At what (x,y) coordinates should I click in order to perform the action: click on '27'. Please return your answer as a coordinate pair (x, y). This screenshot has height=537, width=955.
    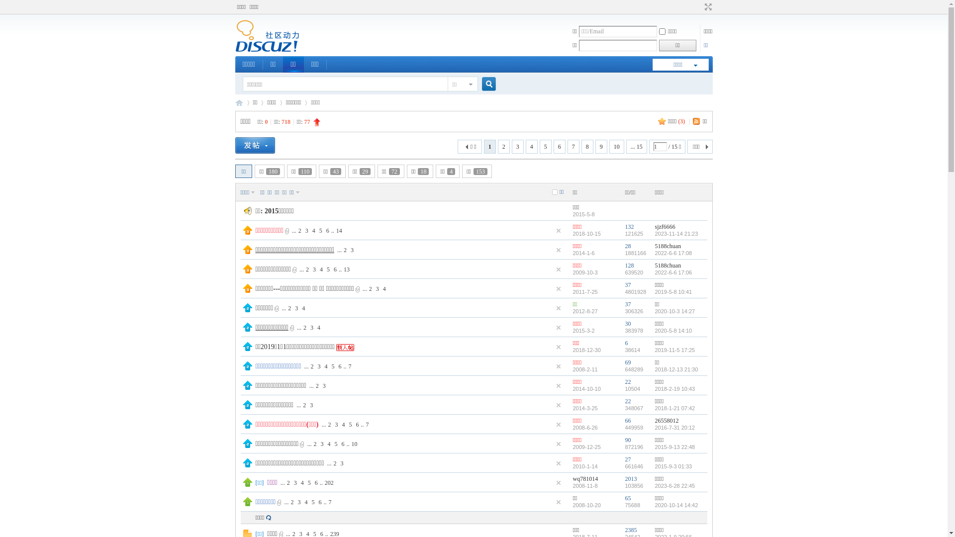
    Looking at the image, I should click on (627, 459).